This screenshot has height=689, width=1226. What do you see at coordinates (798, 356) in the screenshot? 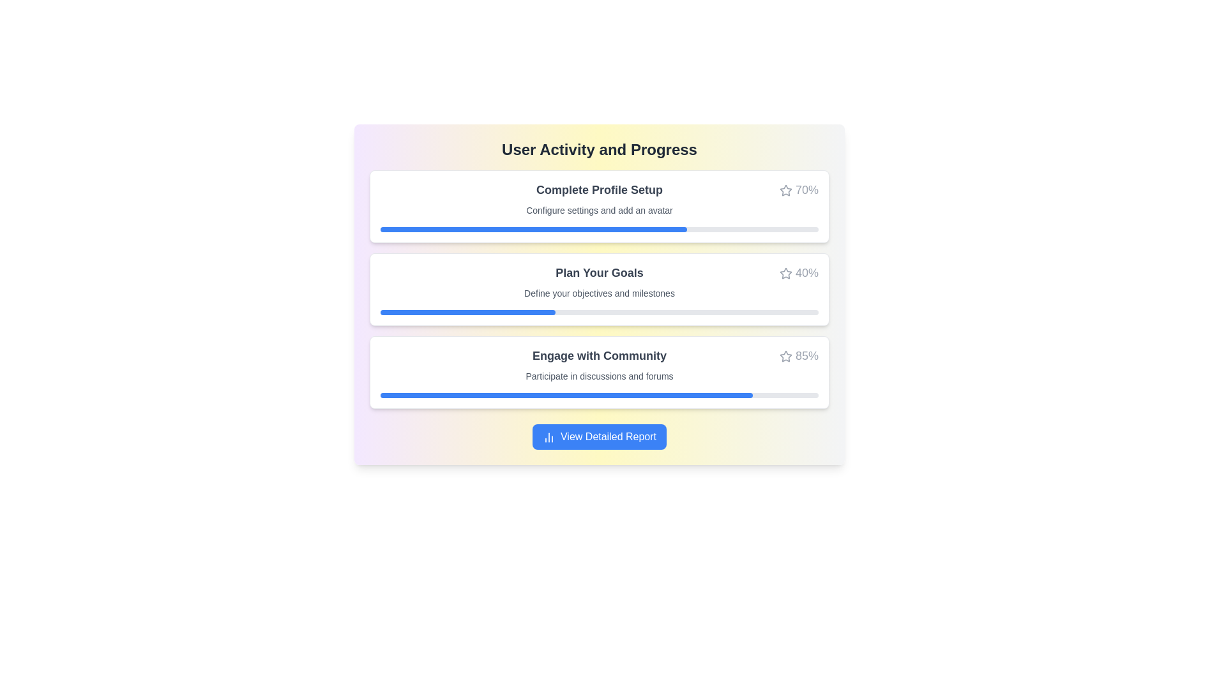
I see `the text with an adjacent icon displaying progress percentage located in the top-right corner of the 'Engage with Community' card, above the progress bar` at bounding box center [798, 356].